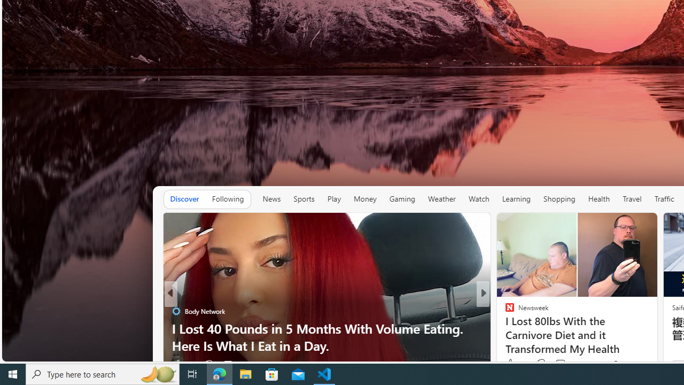  Describe the element at coordinates (512, 364) in the screenshot. I see `'194 Like'` at that location.